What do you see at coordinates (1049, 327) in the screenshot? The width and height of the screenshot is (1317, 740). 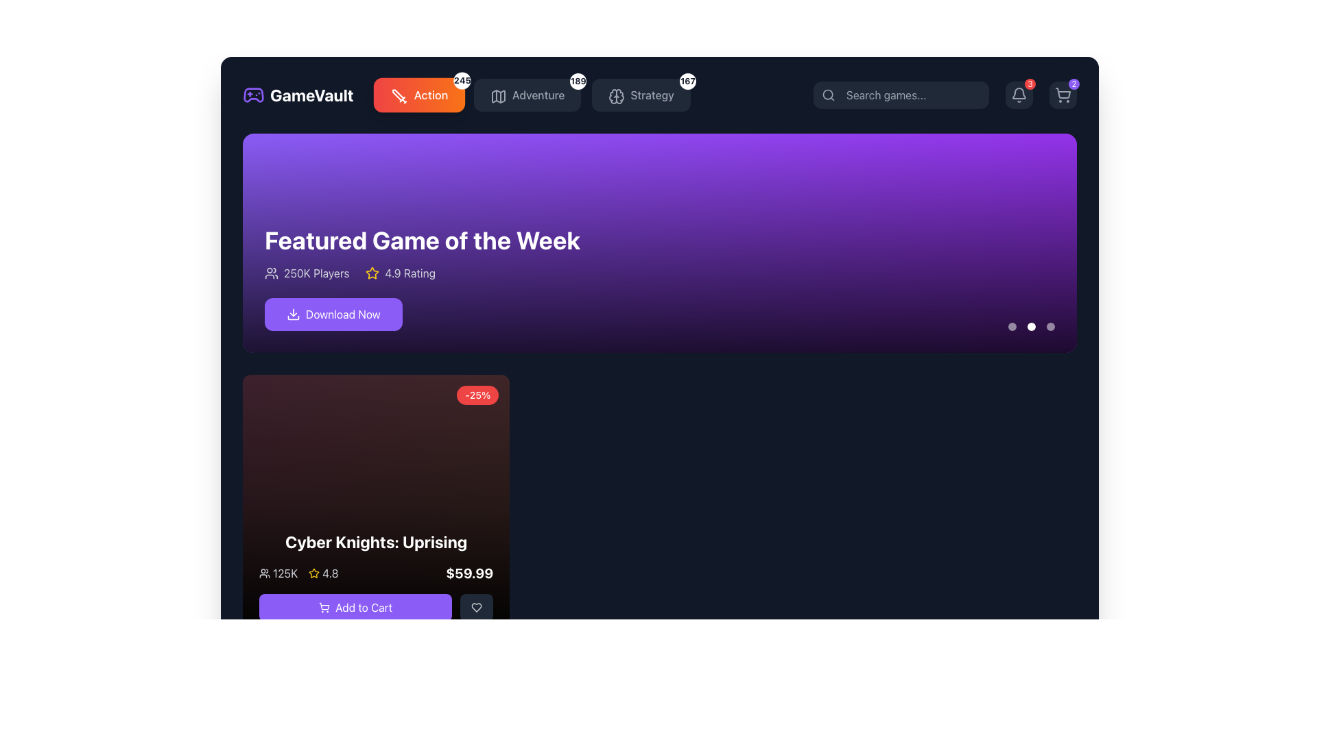 I see `the third circular indicator dot located in the bottom right corner of the purple section, which has a white background and partial transparency` at bounding box center [1049, 327].